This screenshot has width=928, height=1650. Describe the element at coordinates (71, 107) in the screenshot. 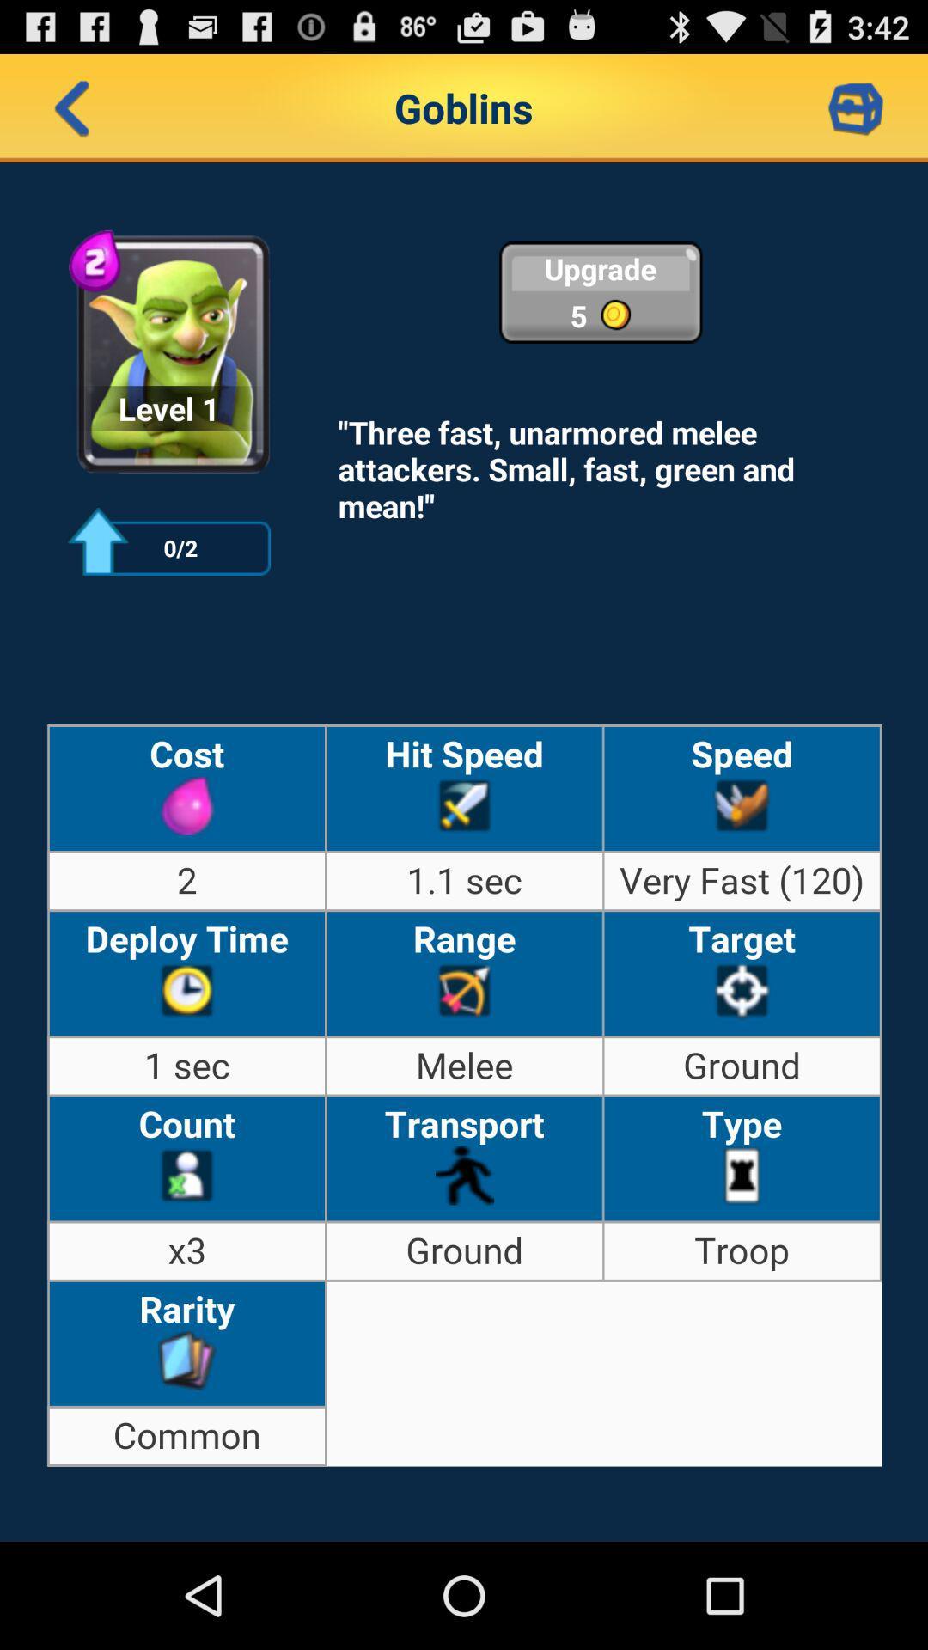

I see `back` at that location.